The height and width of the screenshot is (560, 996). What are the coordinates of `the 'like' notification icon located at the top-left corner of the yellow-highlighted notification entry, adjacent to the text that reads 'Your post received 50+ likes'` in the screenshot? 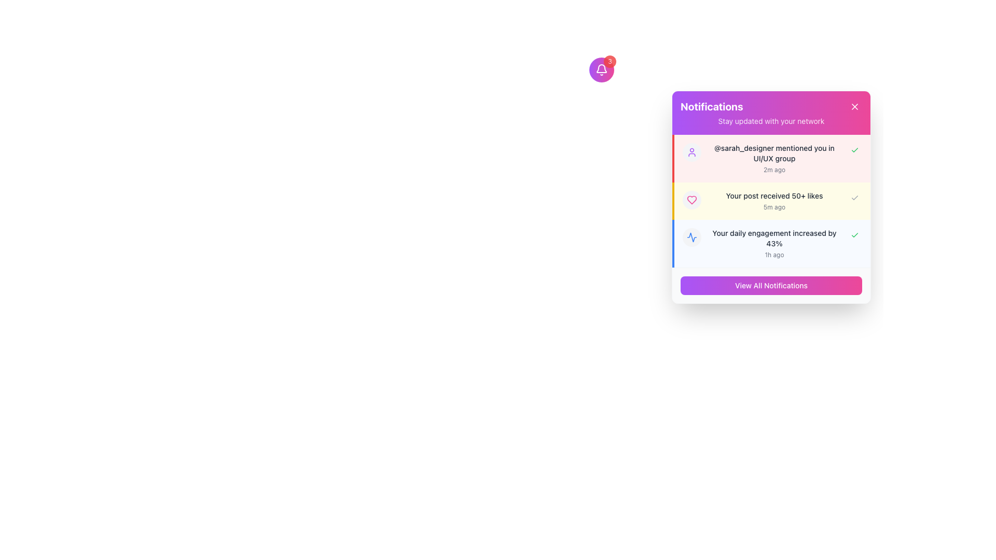 It's located at (692, 200).